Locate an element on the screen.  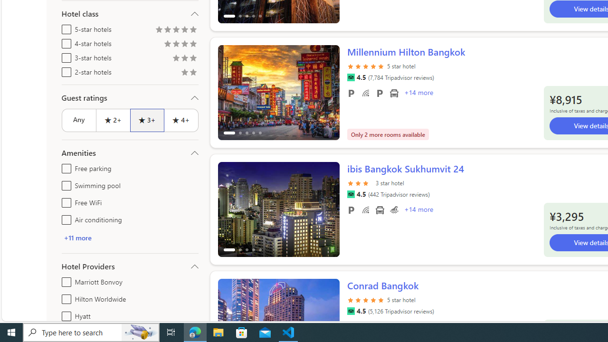
'Hotel class' is located at coordinates (129, 14).